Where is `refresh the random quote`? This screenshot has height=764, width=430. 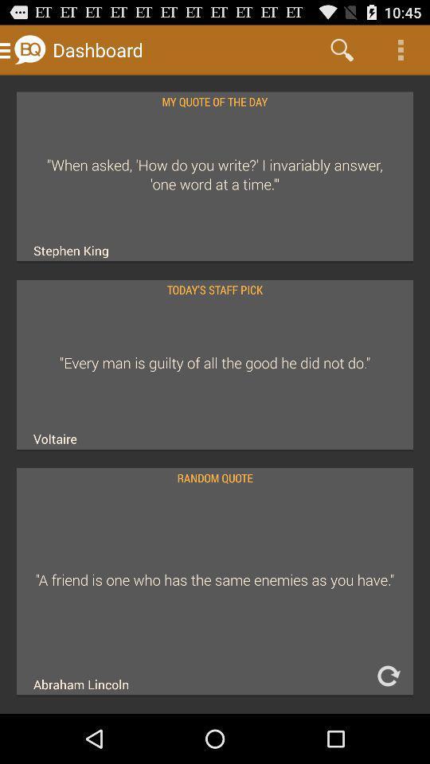
refresh the random quote is located at coordinates (387, 675).